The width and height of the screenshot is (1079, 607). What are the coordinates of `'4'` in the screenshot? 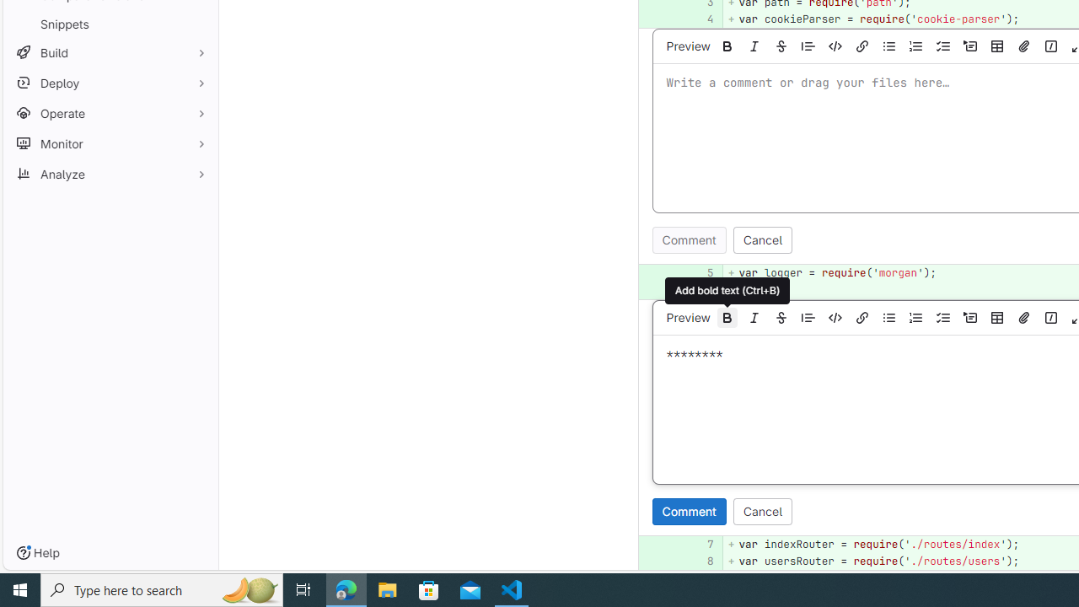 It's located at (699, 19).